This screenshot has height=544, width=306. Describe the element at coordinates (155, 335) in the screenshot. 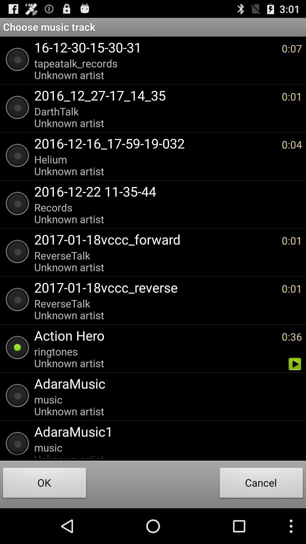

I see `item next to the 0:36 app` at that location.